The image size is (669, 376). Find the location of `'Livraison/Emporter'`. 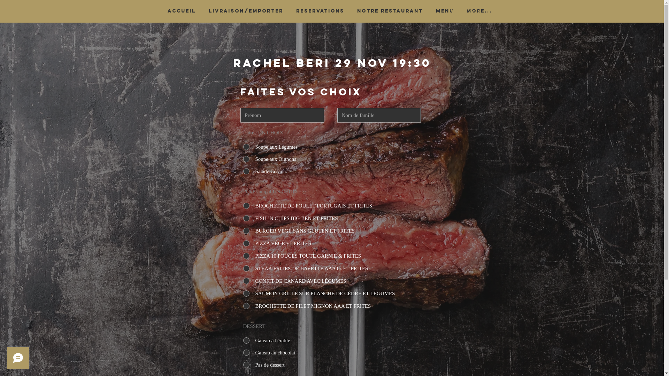

'Livraison/Emporter' is located at coordinates (246, 11).